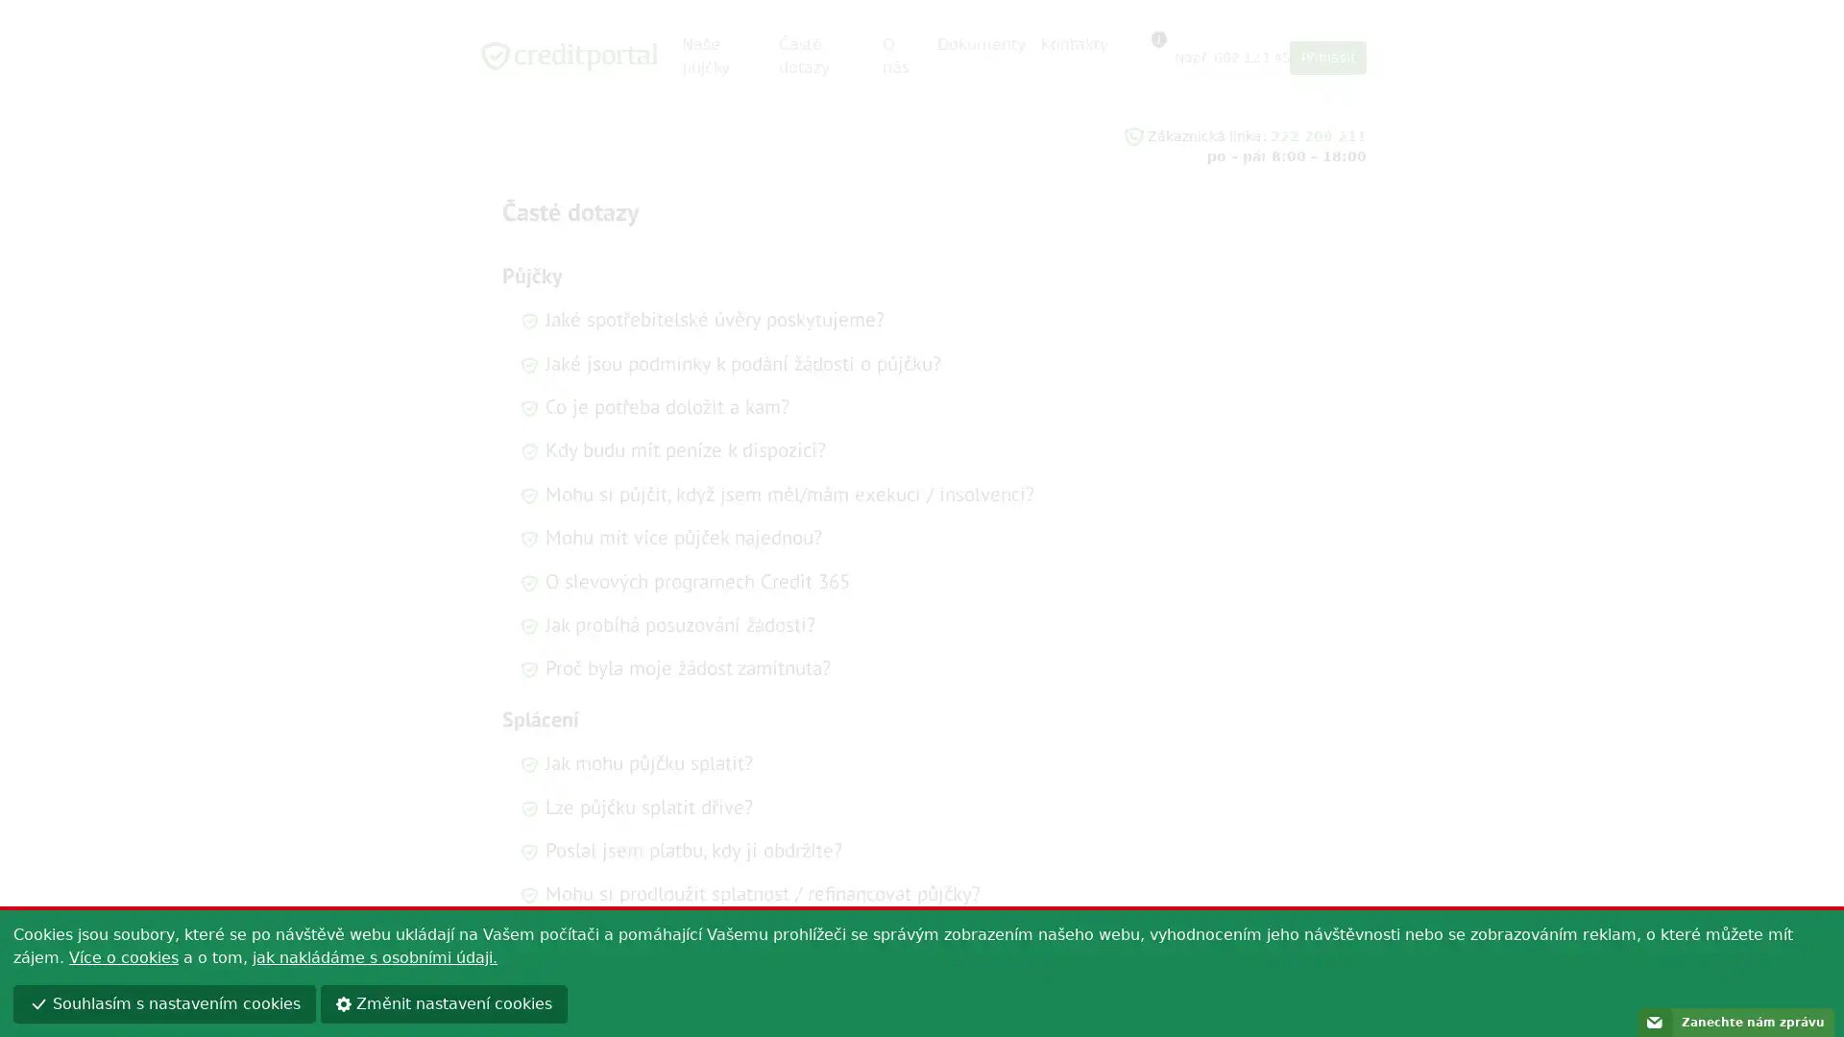 The height and width of the screenshot is (1037, 1844). Describe the element at coordinates (443, 1002) in the screenshot. I see `Zmenit nastaveni cookies` at that location.